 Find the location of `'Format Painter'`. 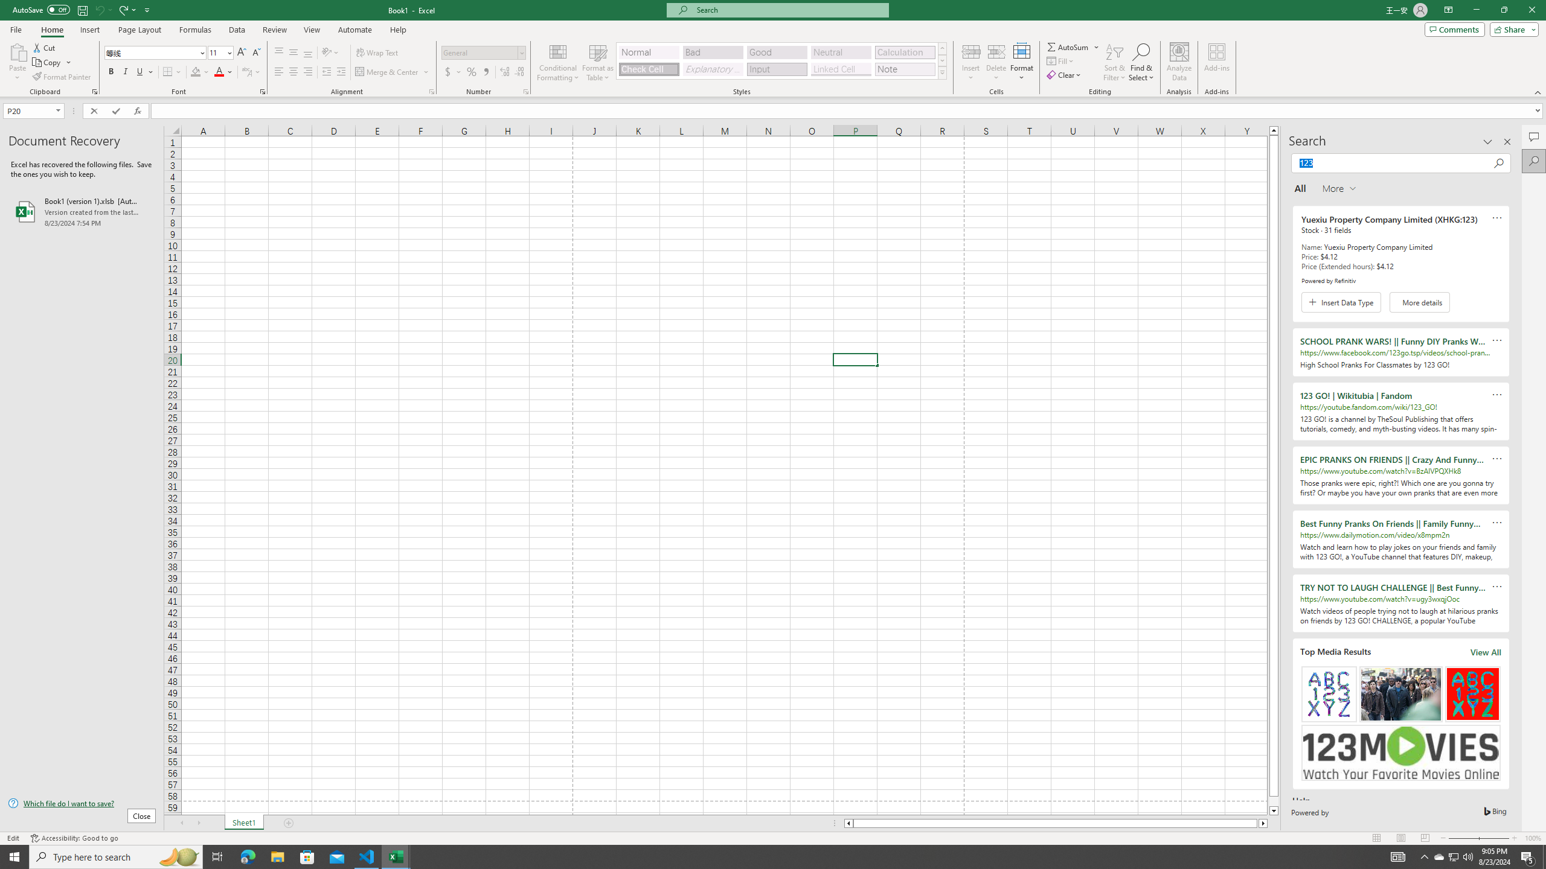

'Format Painter' is located at coordinates (62, 77).